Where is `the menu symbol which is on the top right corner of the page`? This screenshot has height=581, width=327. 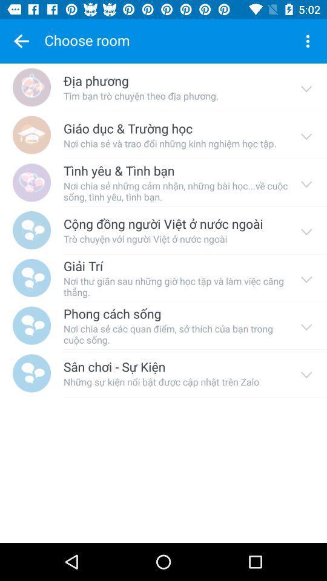 the menu symbol which is on the top right corner of the page is located at coordinates (308, 41).